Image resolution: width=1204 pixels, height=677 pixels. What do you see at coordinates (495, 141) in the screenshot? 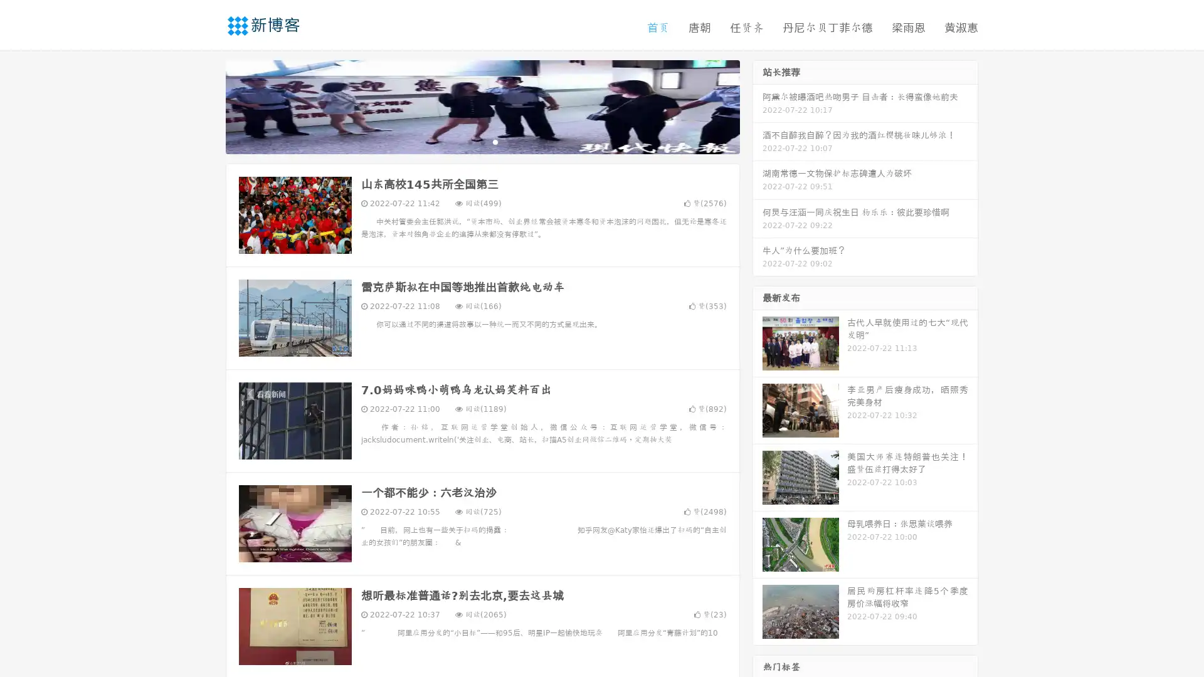
I see `Go to slide 3` at bounding box center [495, 141].